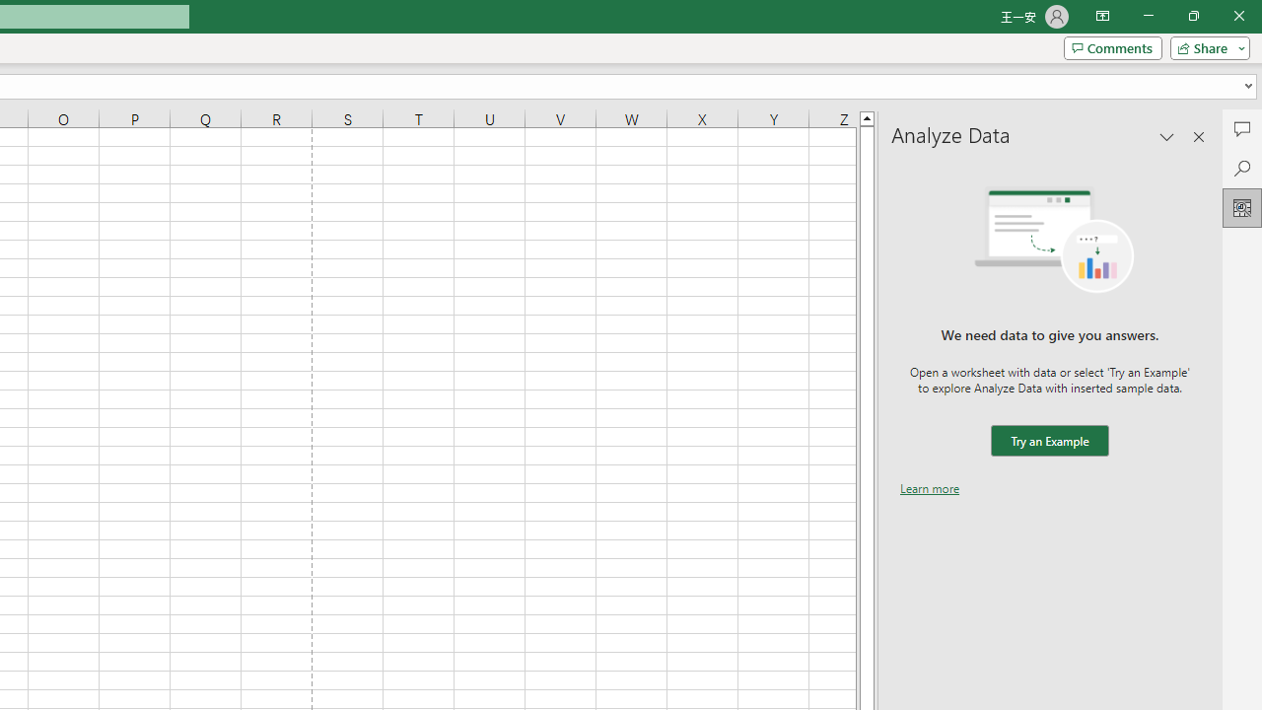  I want to click on 'Task Pane Options', so click(1167, 135).